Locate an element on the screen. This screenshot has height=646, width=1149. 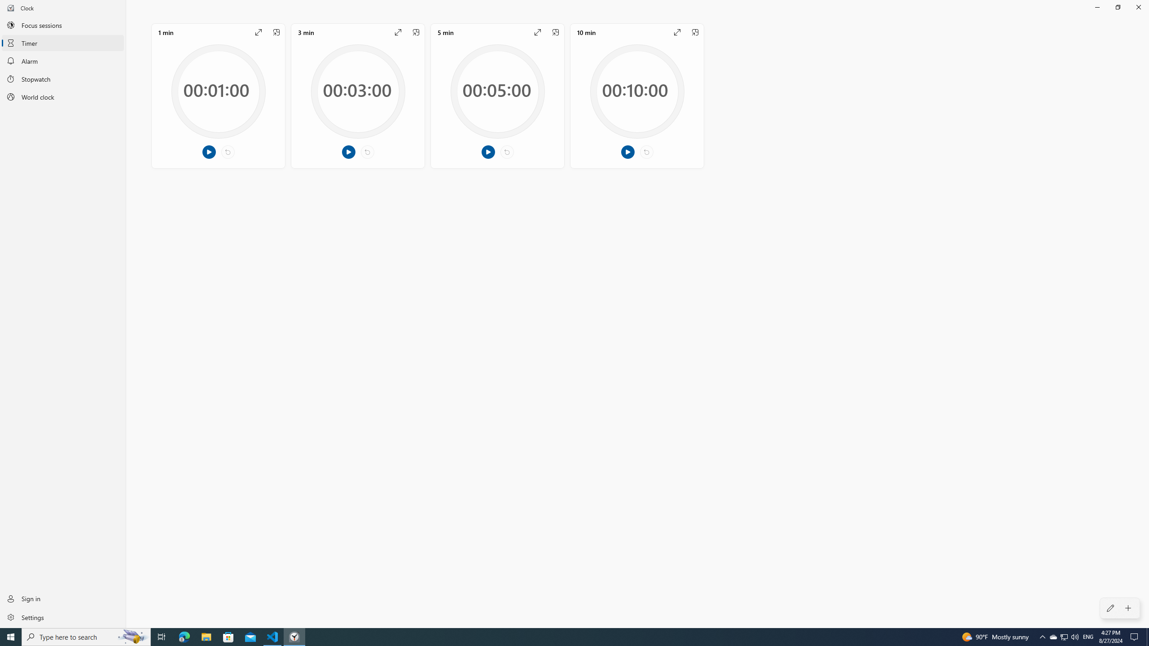
'World clock' is located at coordinates (62, 96).